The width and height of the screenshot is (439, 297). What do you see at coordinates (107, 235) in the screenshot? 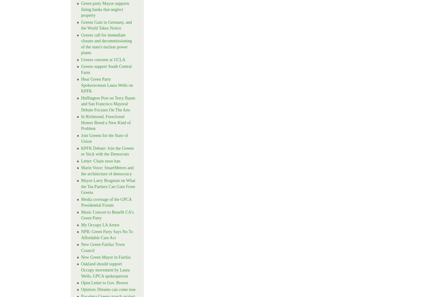
I see `'NPR: Green Party Says No To Affordable Care Act'` at bounding box center [107, 235].